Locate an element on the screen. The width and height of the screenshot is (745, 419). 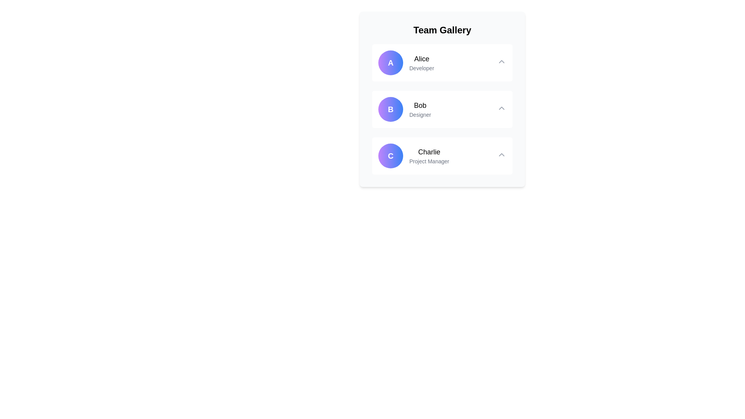
the static text element reading 'Developer' which is styled in a small gray font and located beneath the larger text 'Alice' in the 'Team Gallery' section is located at coordinates (421, 68).